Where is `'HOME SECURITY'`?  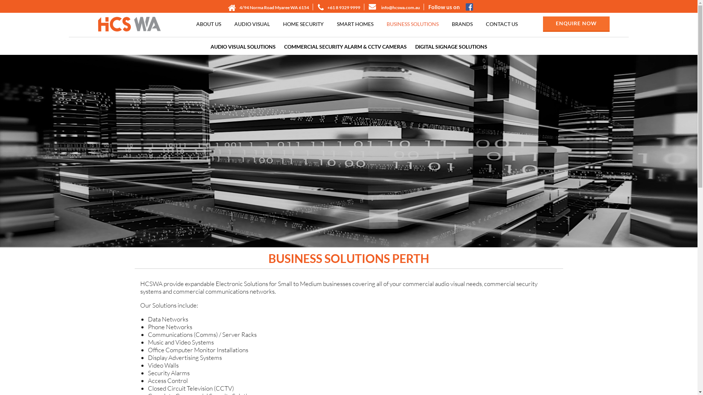
'HOME SECURITY' is located at coordinates (303, 23).